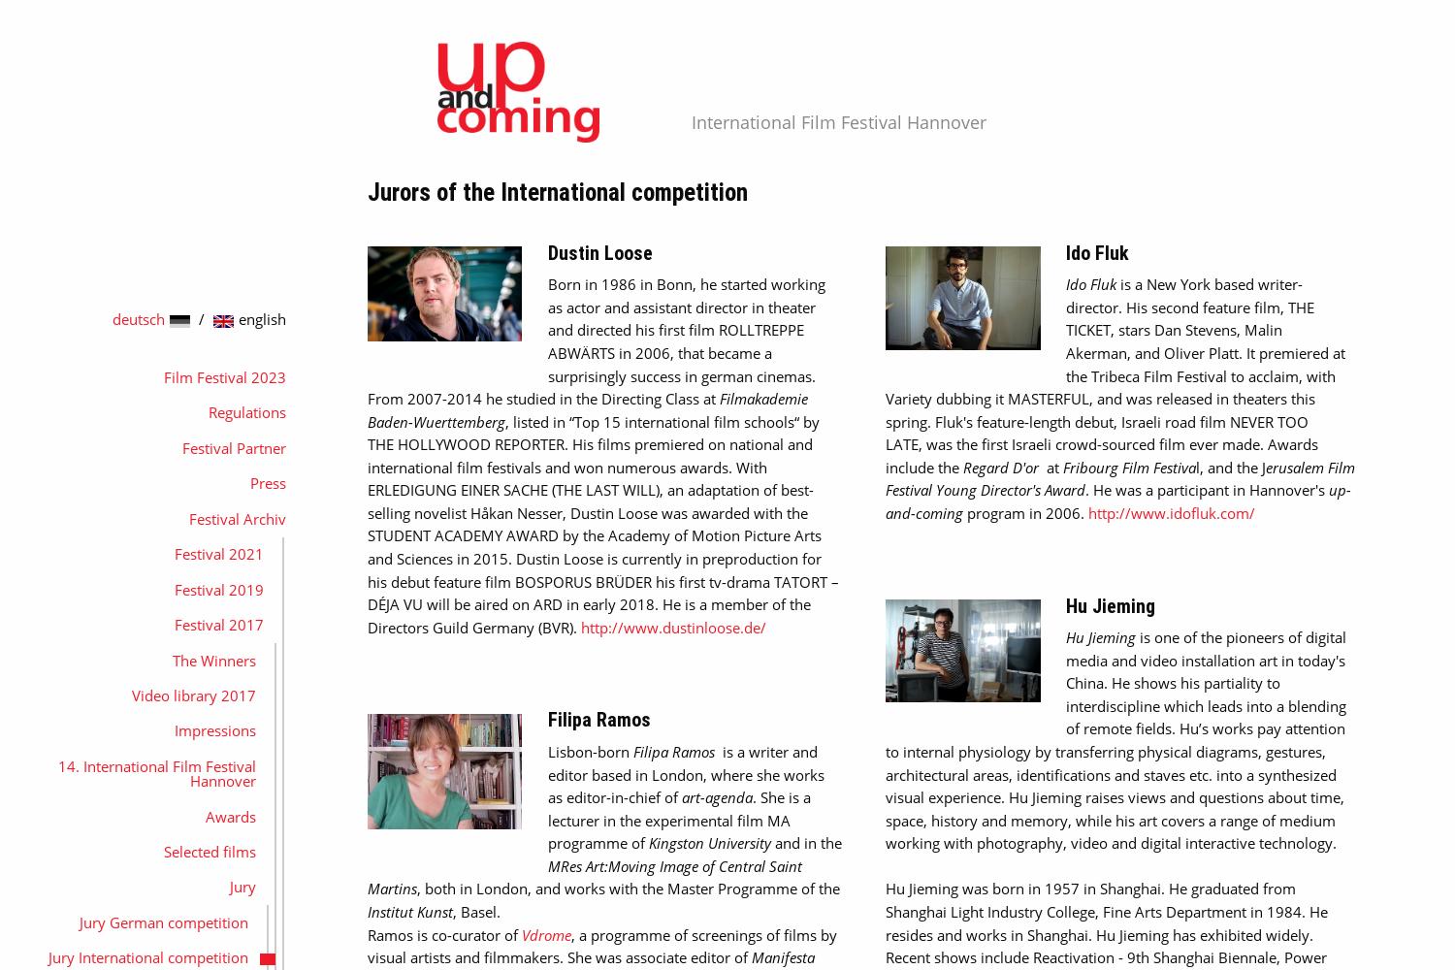  What do you see at coordinates (1084, 490) in the screenshot?
I see `'. He was a participant in Hannover's'` at bounding box center [1084, 490].